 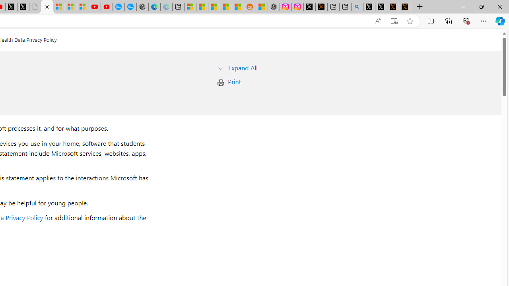 What do you see at coordinates (381, 7) in the screenshot?
I see `'GitHub (@github) / X'` at bounding box center [381, 7].